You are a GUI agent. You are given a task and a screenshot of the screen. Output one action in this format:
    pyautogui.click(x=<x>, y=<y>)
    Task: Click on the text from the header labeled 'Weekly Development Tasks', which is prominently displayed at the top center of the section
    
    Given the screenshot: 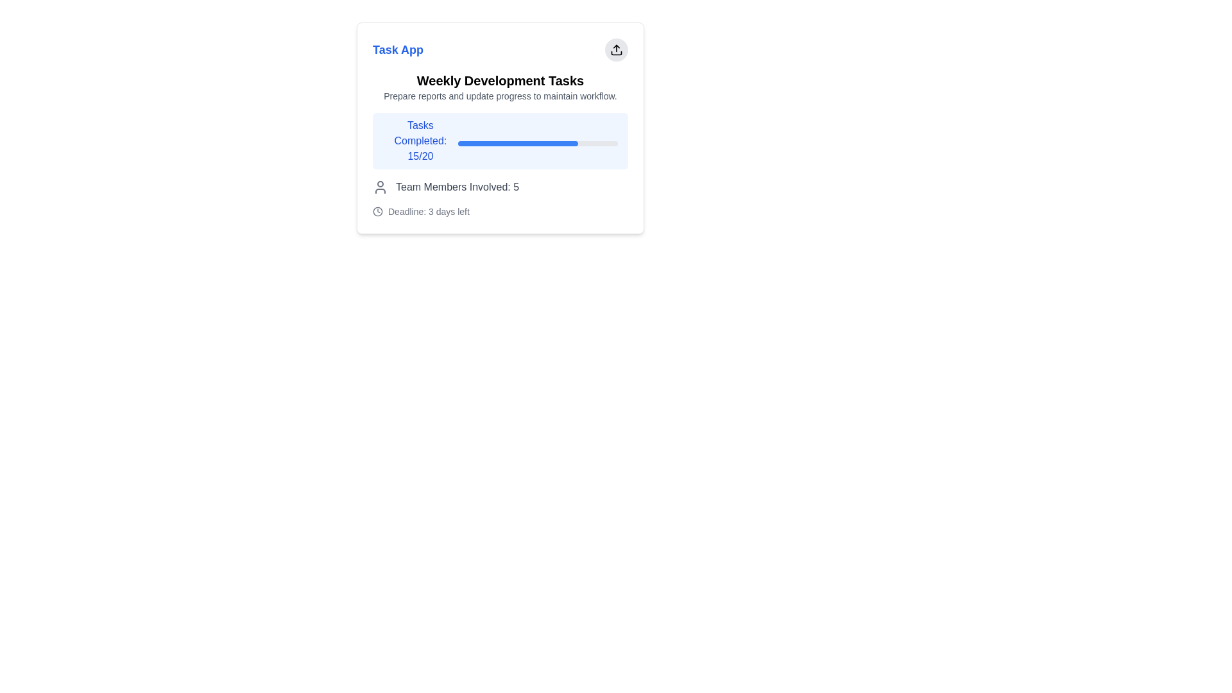 What is the action you would take?
    pyautogui.click(x=499, y=81)
    